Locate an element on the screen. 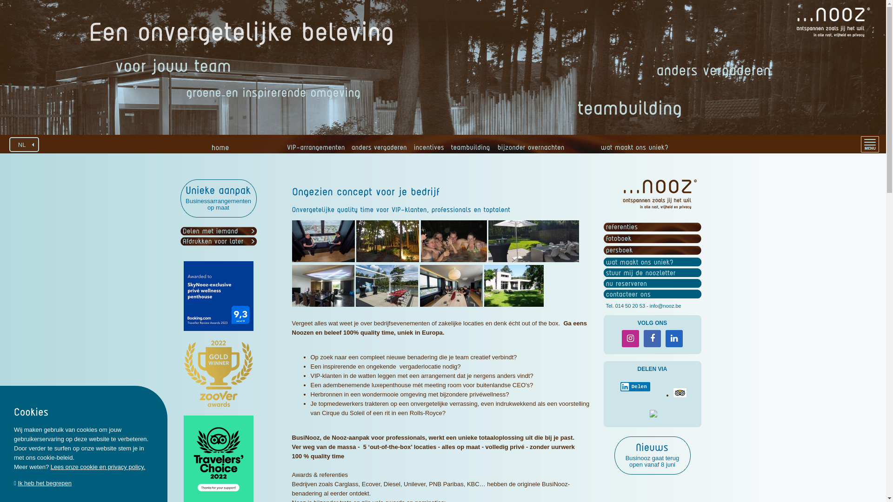 The image size is (893, 502). 'nu reserveren' is located at coordinates (626, 283).